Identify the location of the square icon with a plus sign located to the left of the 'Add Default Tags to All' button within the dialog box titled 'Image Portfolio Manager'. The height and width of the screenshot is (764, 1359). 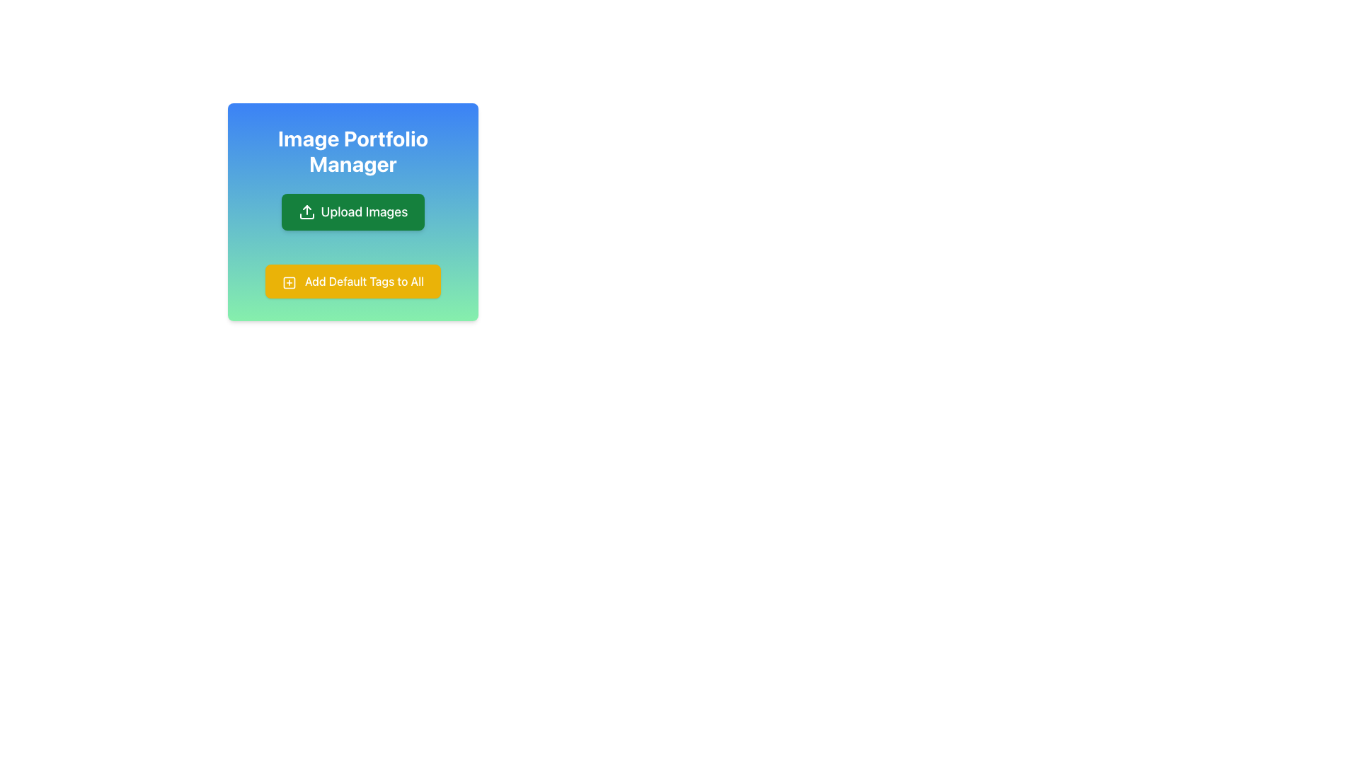
(288, 282).